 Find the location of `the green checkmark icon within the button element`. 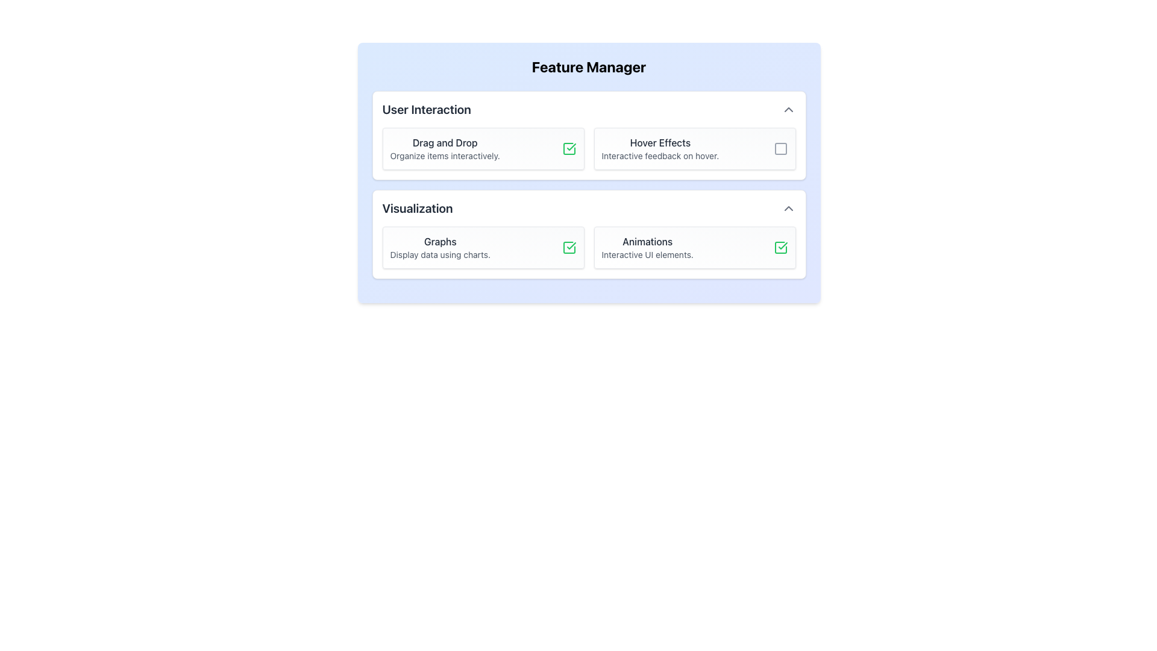

the green checkmark icon within the button element is located at coordinates (568, 247).